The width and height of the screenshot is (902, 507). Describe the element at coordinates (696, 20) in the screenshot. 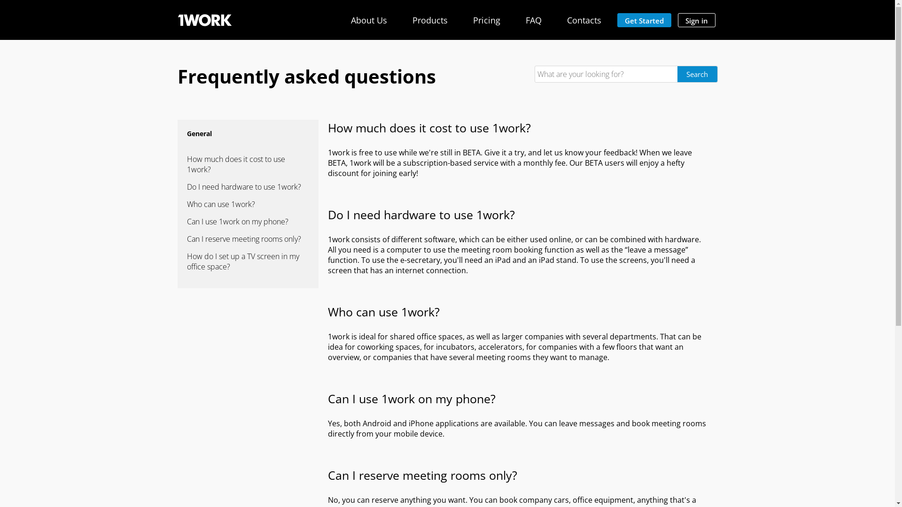

I see `'Sign in'` at that location.